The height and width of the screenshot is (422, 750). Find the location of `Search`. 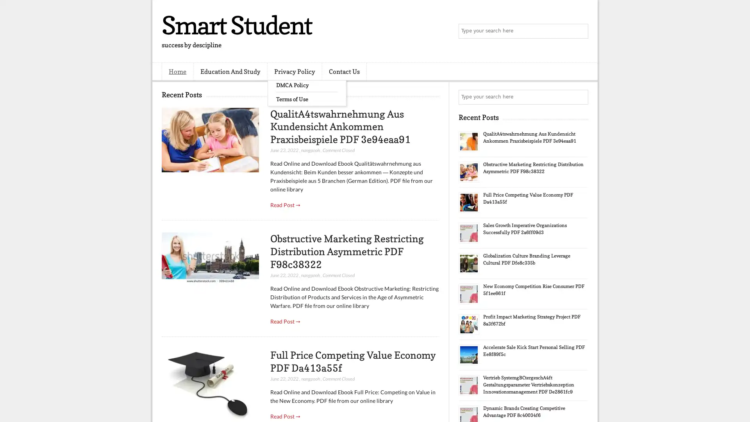

Search is located at coordinates (580, 97).